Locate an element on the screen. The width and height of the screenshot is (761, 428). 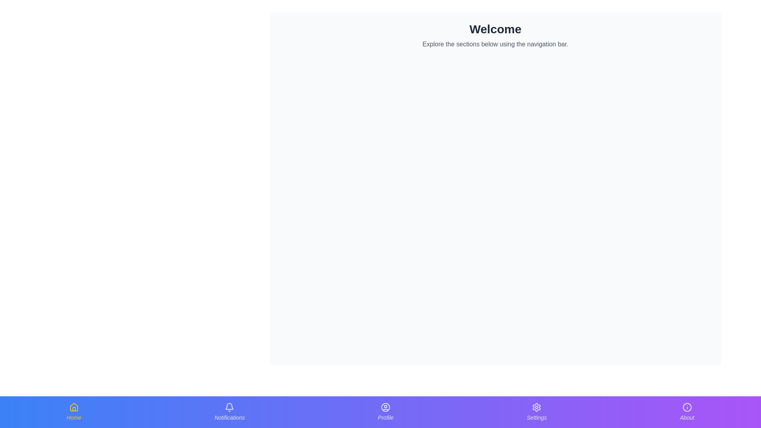
the notification bell icon located at the center of the 'Notifications' section in the bottom navigation bar is located at coordinates (229, 406).